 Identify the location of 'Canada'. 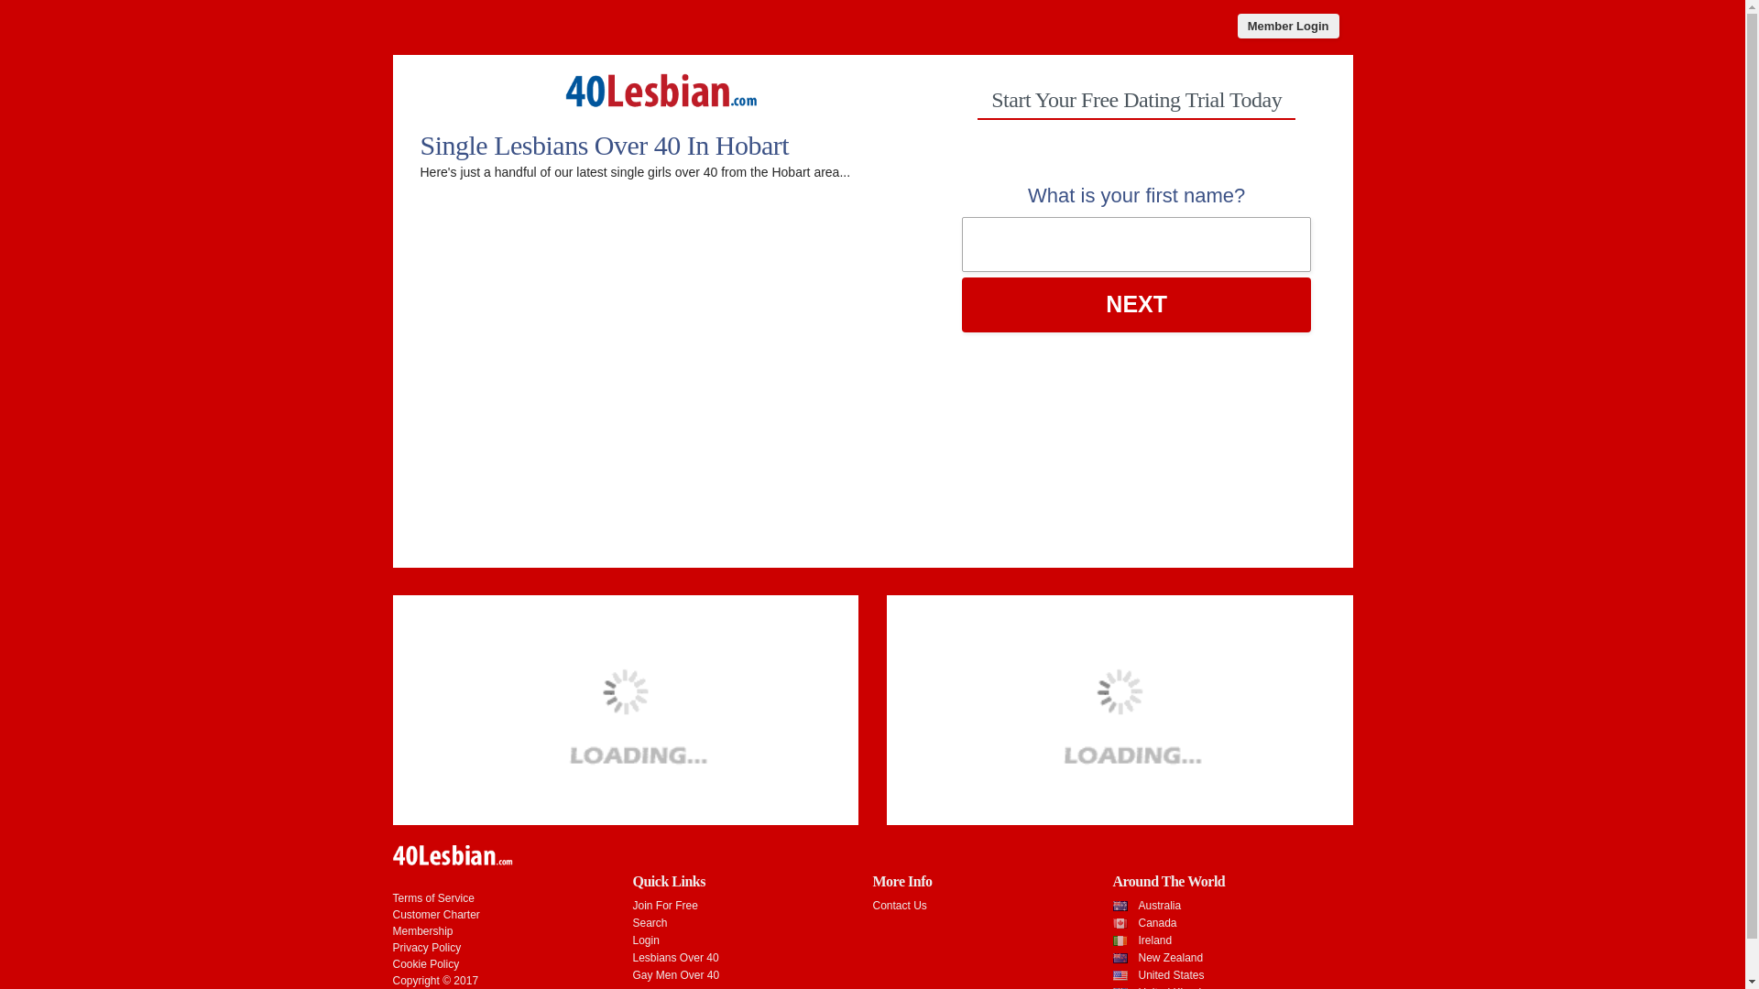
(1155, 922).